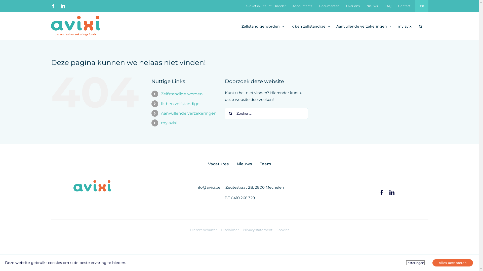 The image size is (483, 271). Describe the element at coordinates (352, 6) in the screenshot. I see `'Over ons'` at that location.